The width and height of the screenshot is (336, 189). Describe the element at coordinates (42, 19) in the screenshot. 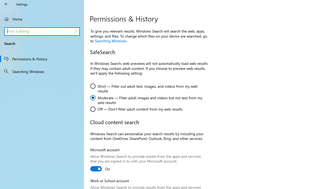

I see `'Home'` at that location.